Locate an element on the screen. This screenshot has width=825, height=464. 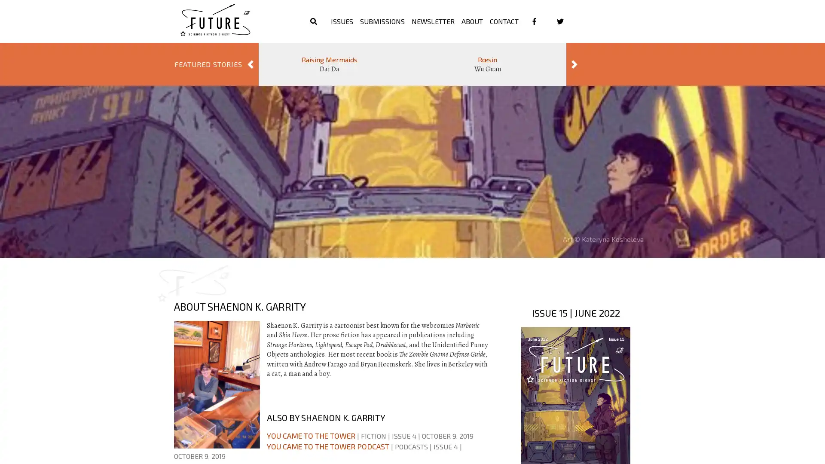
Previous is located at coordinates (250, 64).